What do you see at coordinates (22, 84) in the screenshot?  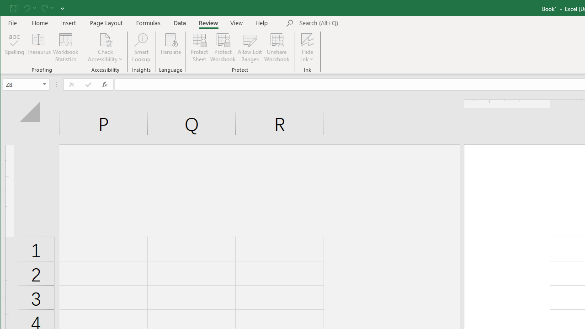 I see `'Name Box'` at bounding box center [22, 84].